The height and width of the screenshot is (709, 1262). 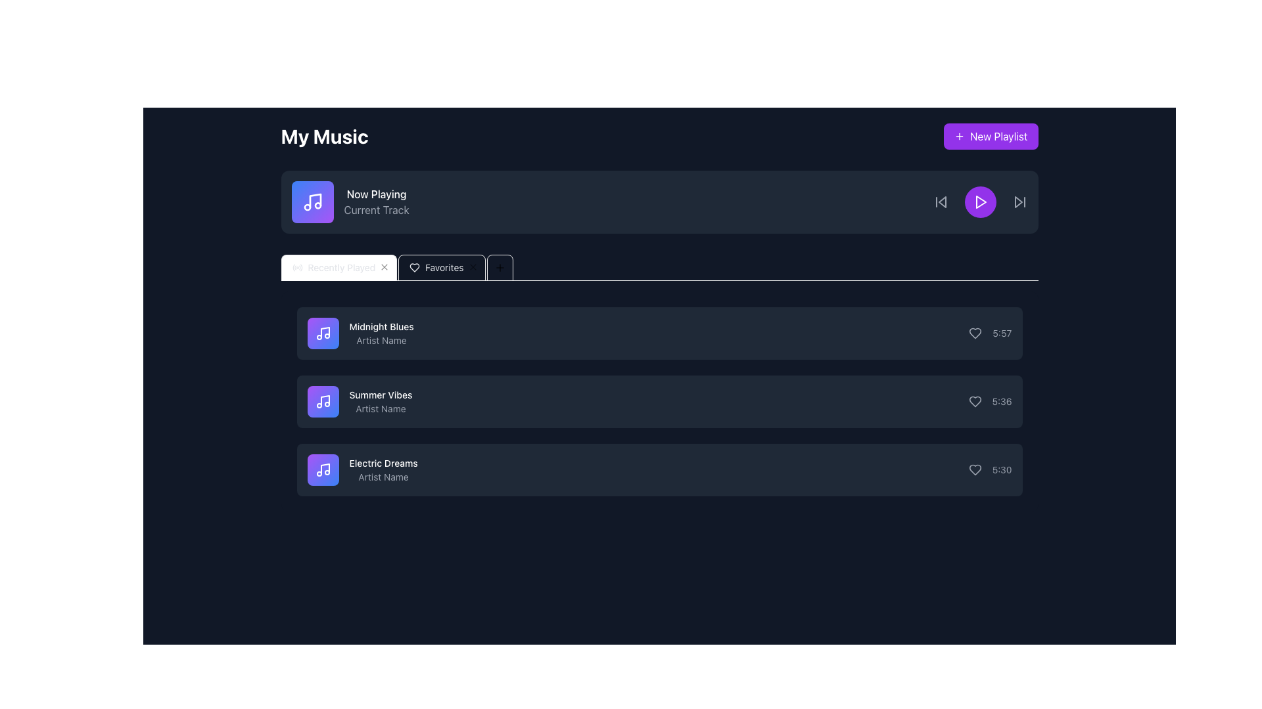 What do you see at coordinates (444, 267) in the screenshot?
I see `the static text label reading 'Favorites' which is styled in light-colored text against a dark background in the navigation bar` at bounding box center [444, 267].